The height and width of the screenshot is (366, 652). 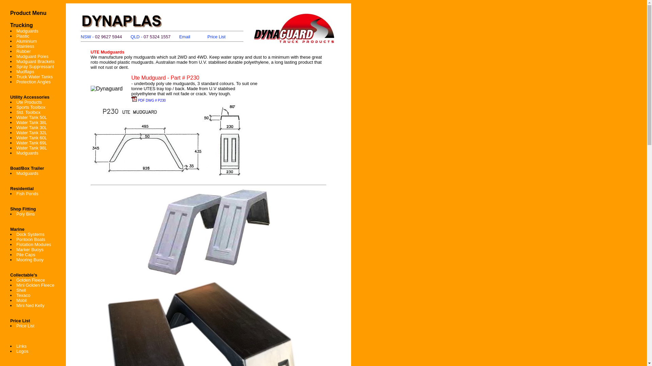 What do you see at coordinates (23, 295) in the screenshot?
I see `'Texaco'` at bounding box center [23, 295].